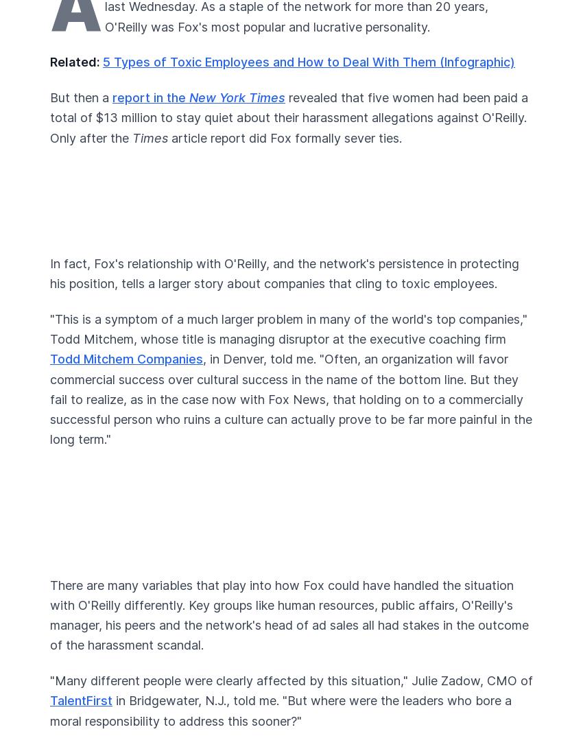  I want to click on 'By        Emily Reynolds Bergh', so click(150, 92).